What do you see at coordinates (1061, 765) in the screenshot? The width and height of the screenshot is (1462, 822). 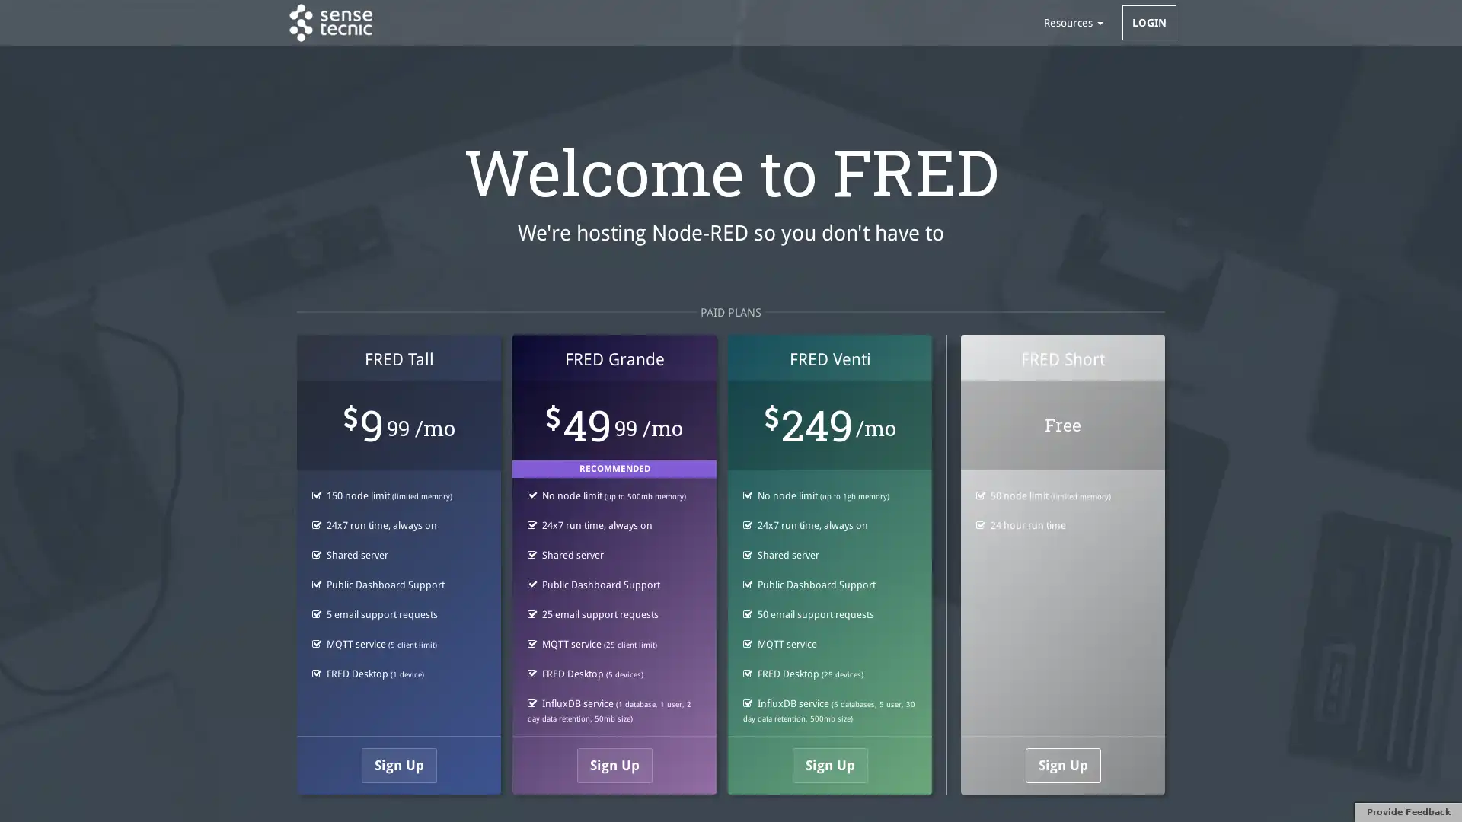 I see `Sign Up` at bounding box center [1061, 765].